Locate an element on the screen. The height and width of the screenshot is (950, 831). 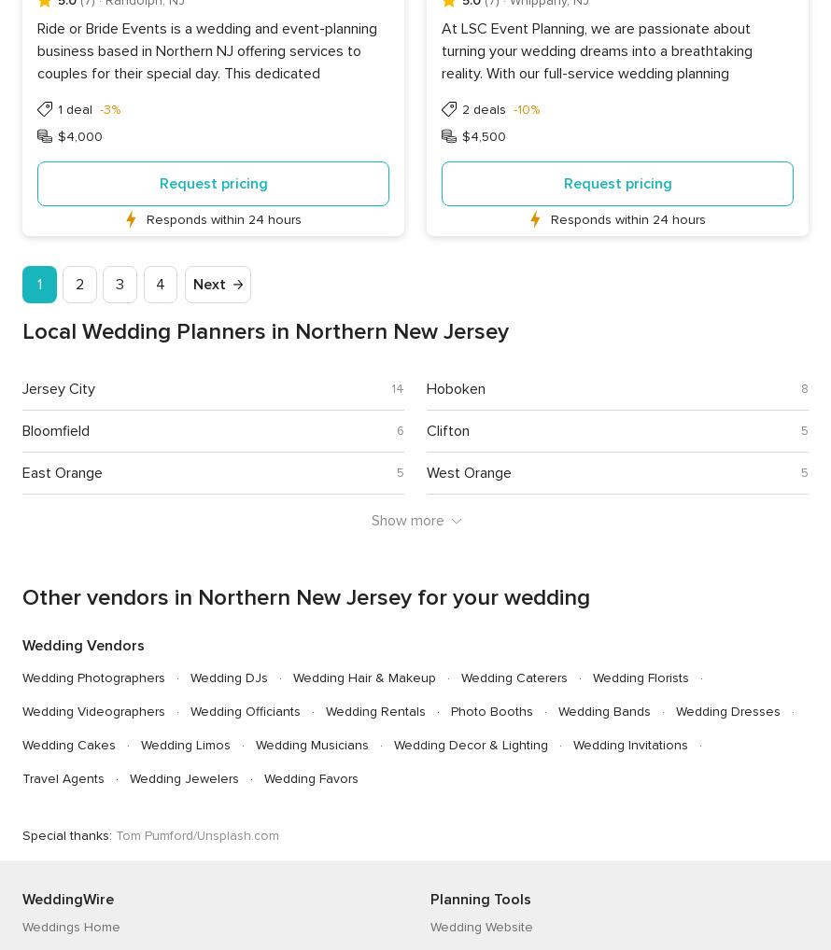
'6' is located at coordinates (399, 429).